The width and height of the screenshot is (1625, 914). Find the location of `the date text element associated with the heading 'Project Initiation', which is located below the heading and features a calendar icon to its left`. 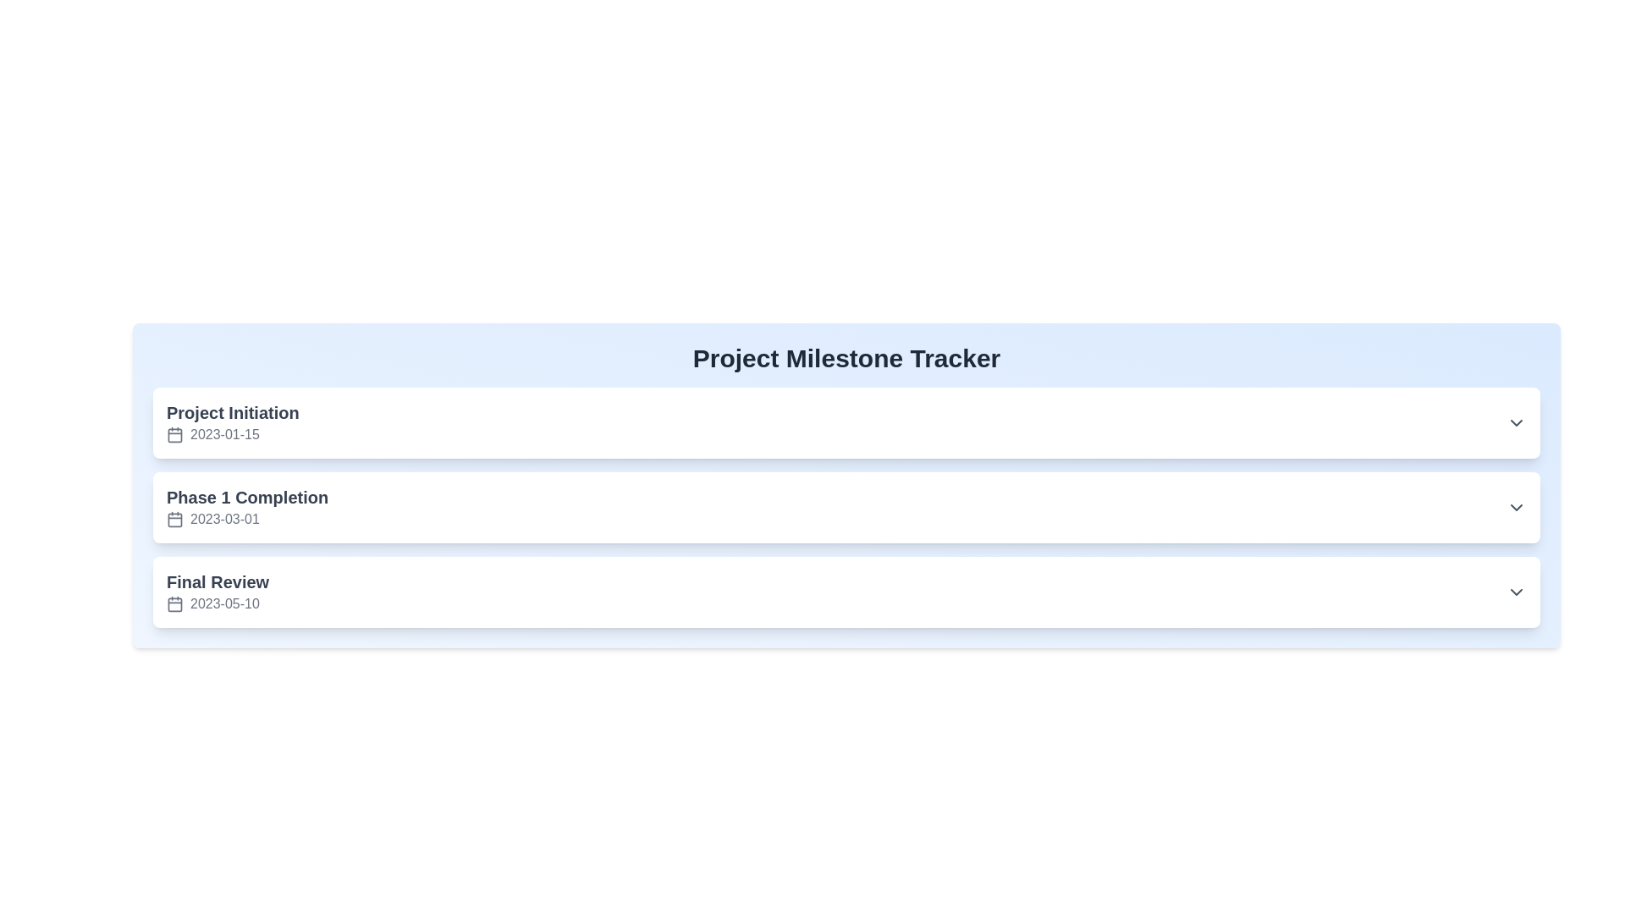

the date text element associated with the heading 'Project Initiation', which is located below the heading and features a calendar icon to its left is located at coordinates (232, 433).